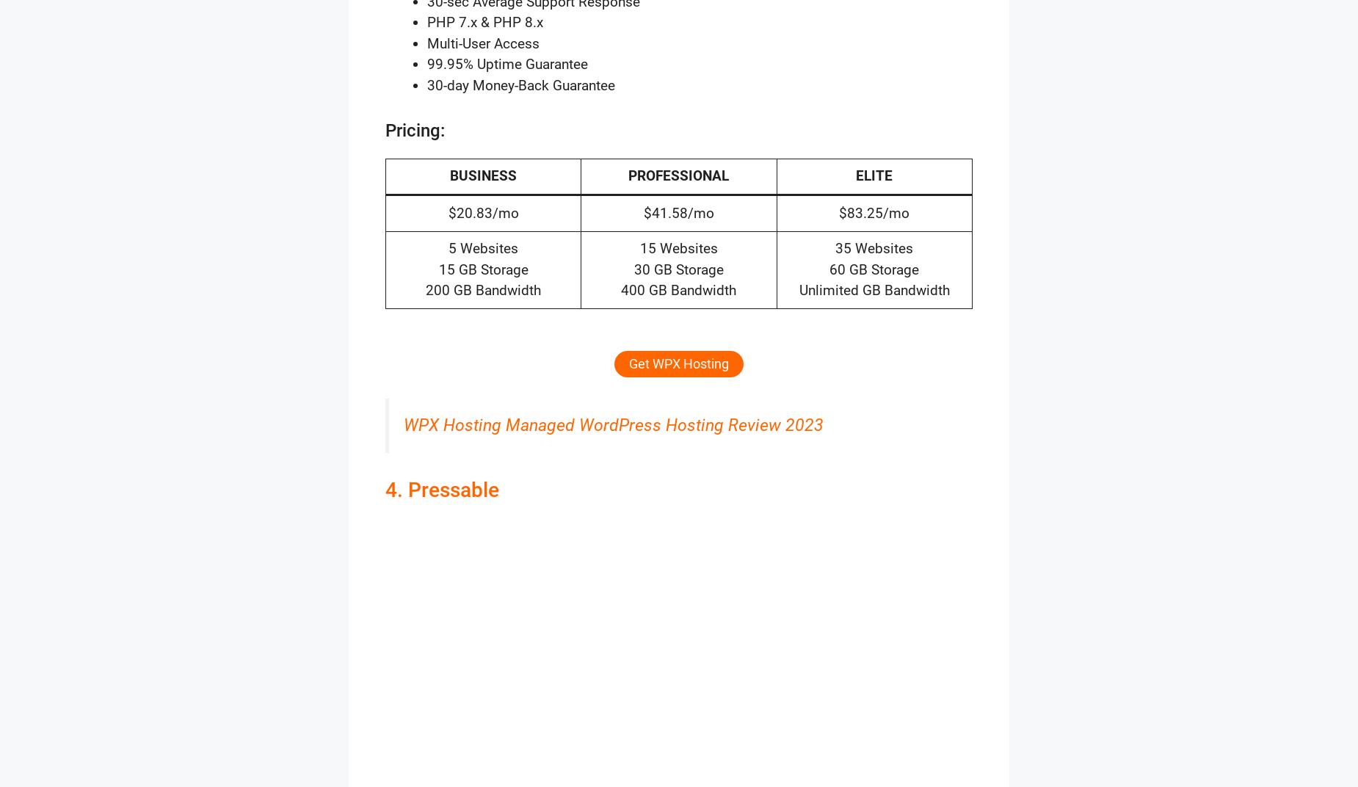 The image size is (1358, 787). What do you see at coordinates (678, 175) in the screenshot?
I see `'PROFESSIONAL'` at bounding box center [678, 175].